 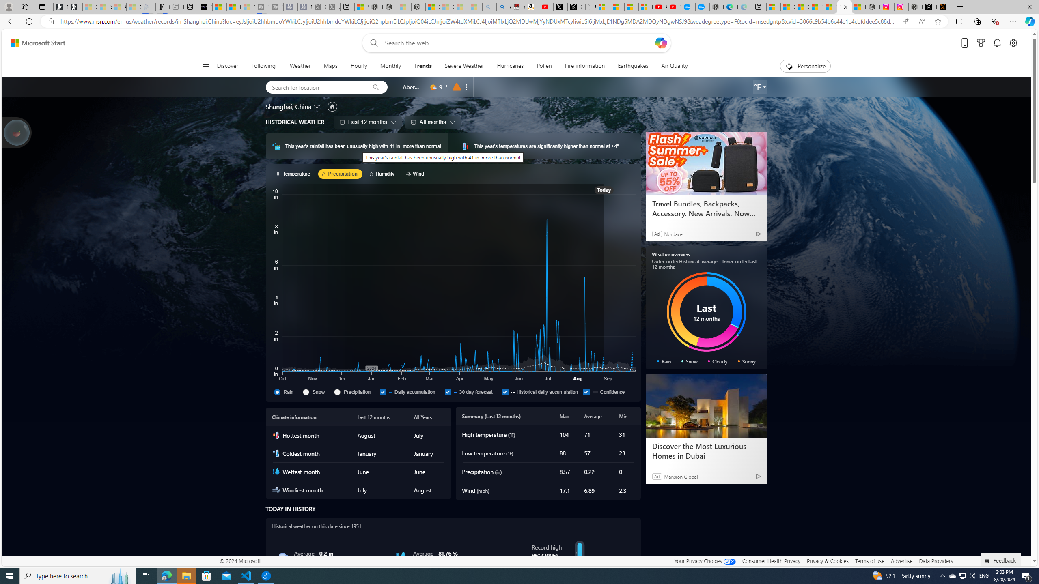 I want to click on 'Data Providers', so click(x=935, y=560).